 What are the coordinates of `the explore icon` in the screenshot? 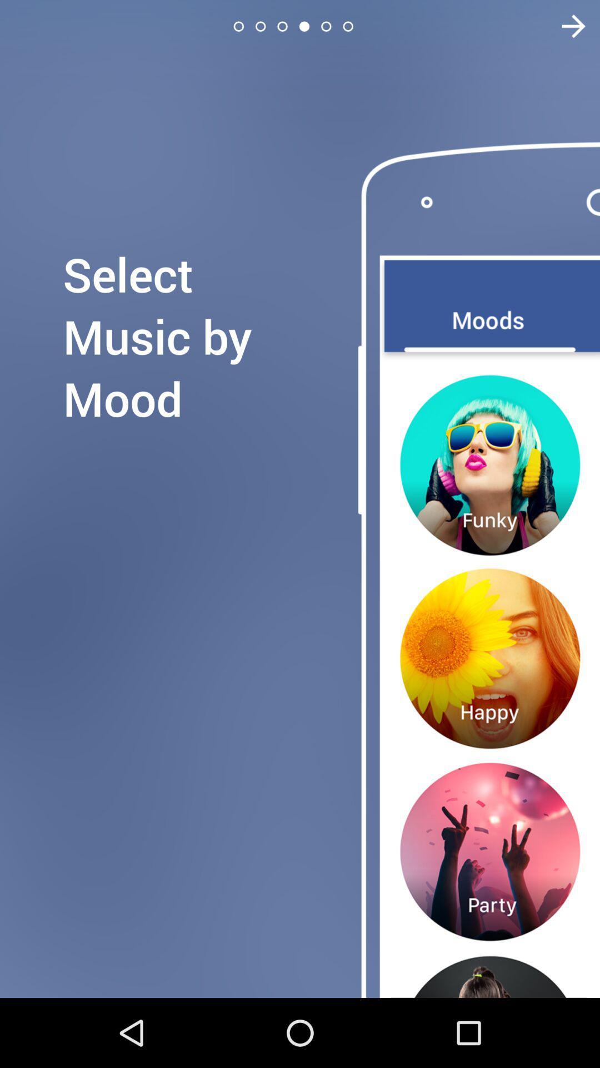 It's located at (566, 26).